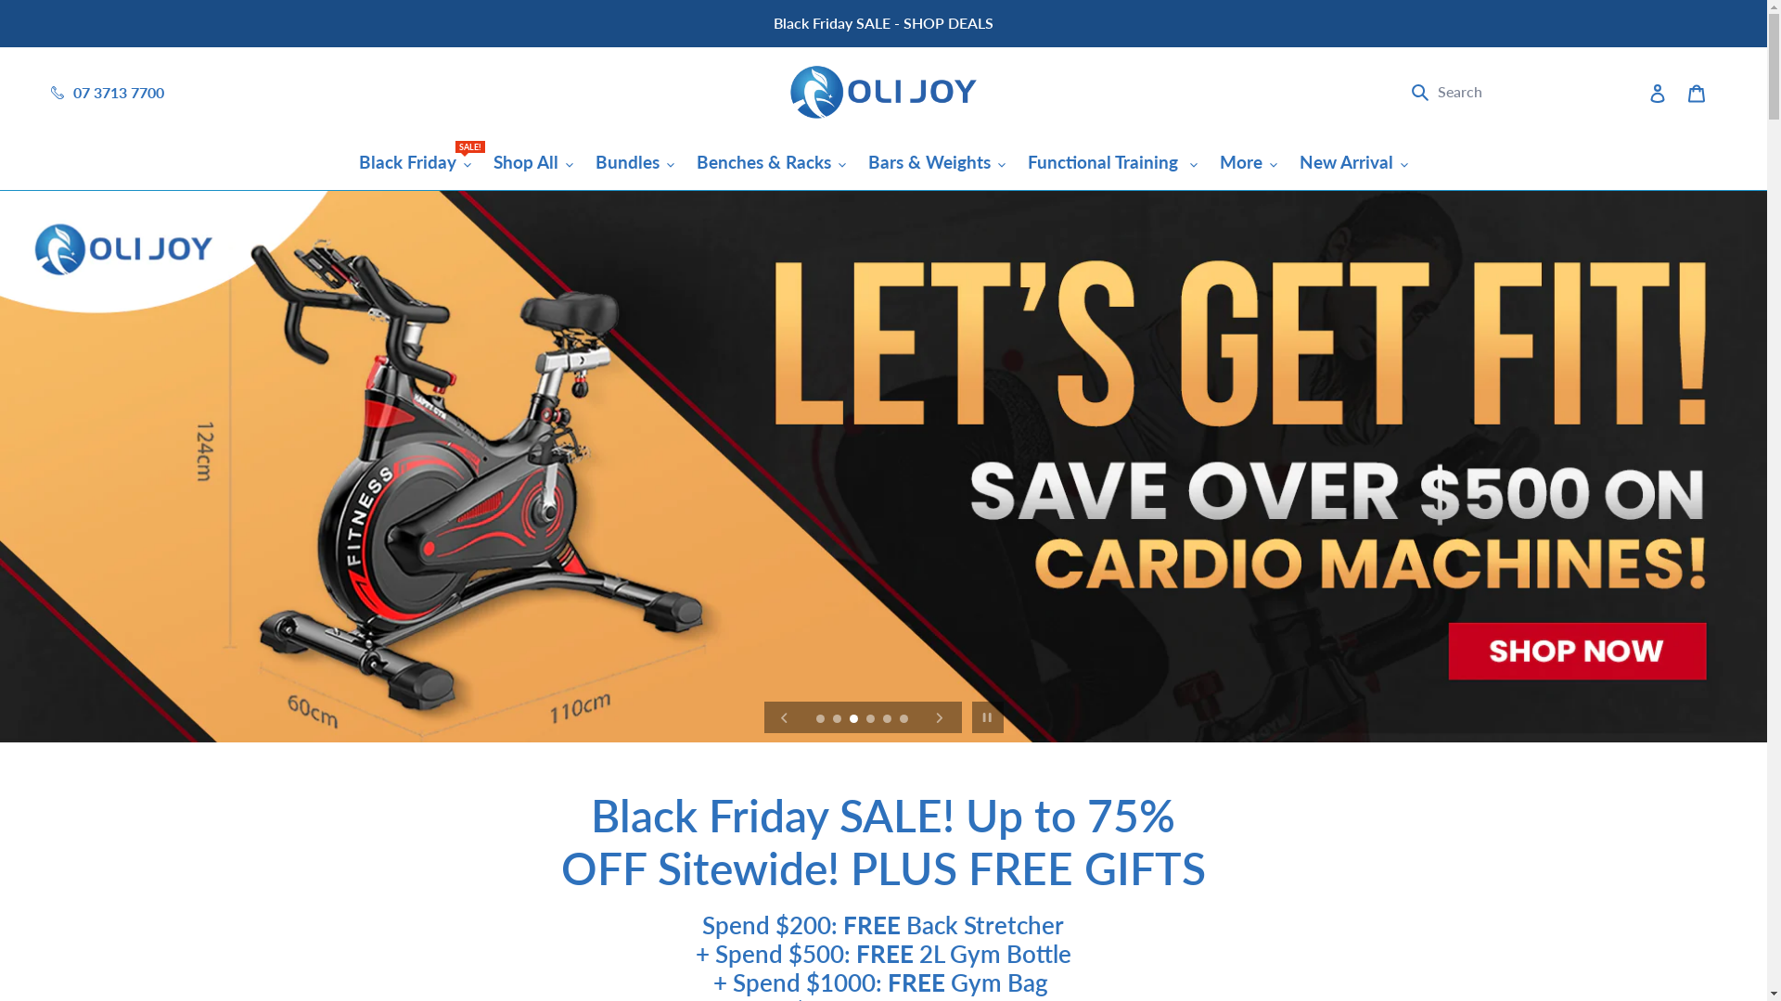  What do you see at coordinates (882, 22) in the screenshot?
I see `'Black Friday SALE - SHOP DEALS'` at bounding box center [882, 22].